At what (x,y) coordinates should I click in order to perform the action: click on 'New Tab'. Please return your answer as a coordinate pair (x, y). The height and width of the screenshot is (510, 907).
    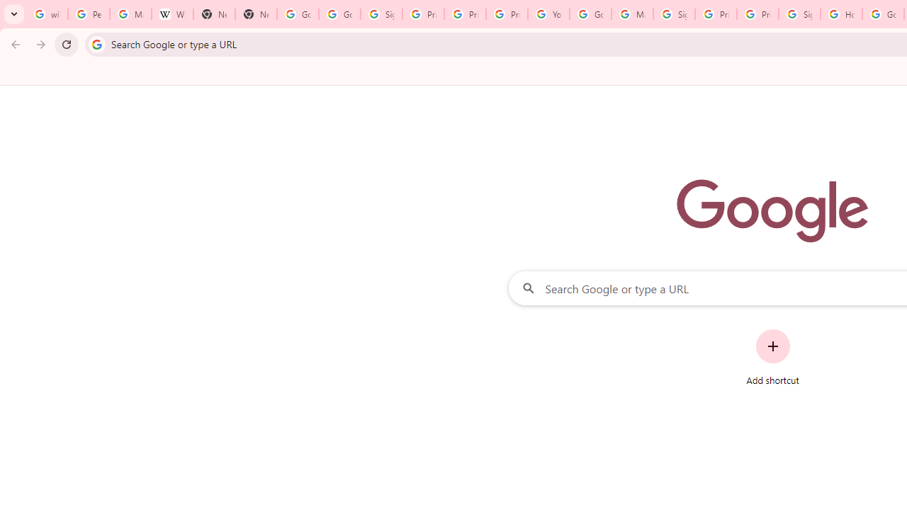
    Looking at the image, I should click on (213, 14).